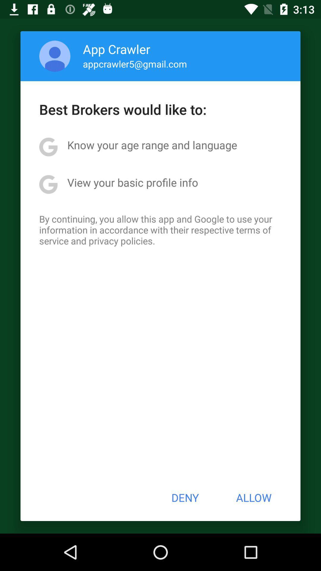 The image size is (321, 571). What do you see at coordinates (185, 498) in the screenshot?
I see `item to the left of allow item` at bounding box center [185, 498].